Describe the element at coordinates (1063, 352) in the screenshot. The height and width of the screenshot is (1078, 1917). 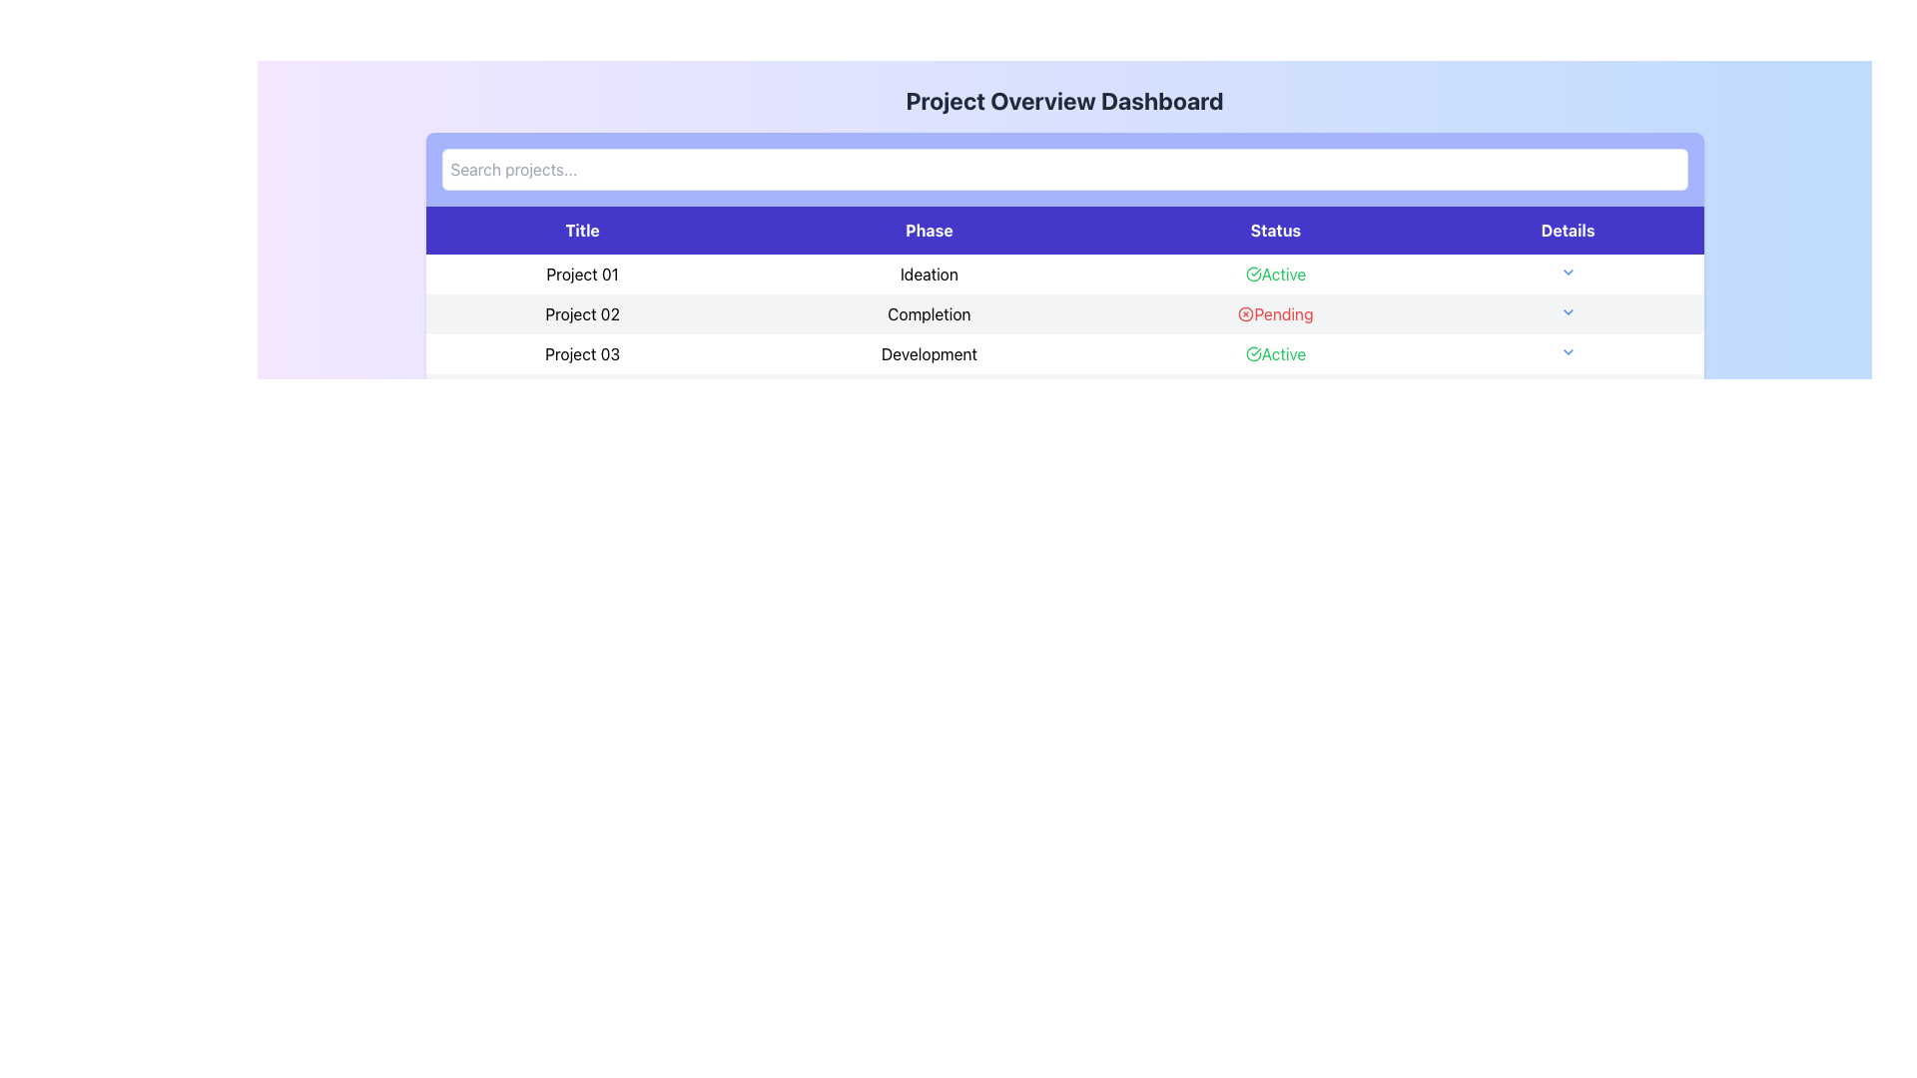
I see `the third row of the data table displaying 'Project 03', 'Development', and 'Active'` at that location.